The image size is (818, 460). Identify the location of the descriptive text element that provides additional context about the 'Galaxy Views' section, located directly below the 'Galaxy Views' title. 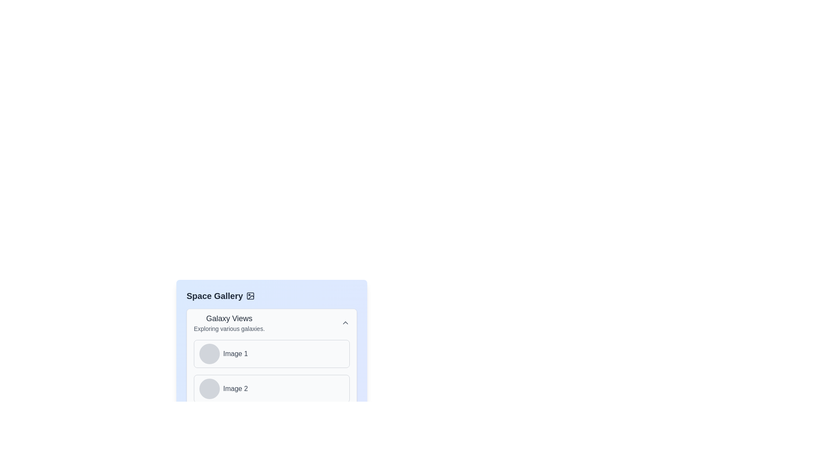
(229, 328).